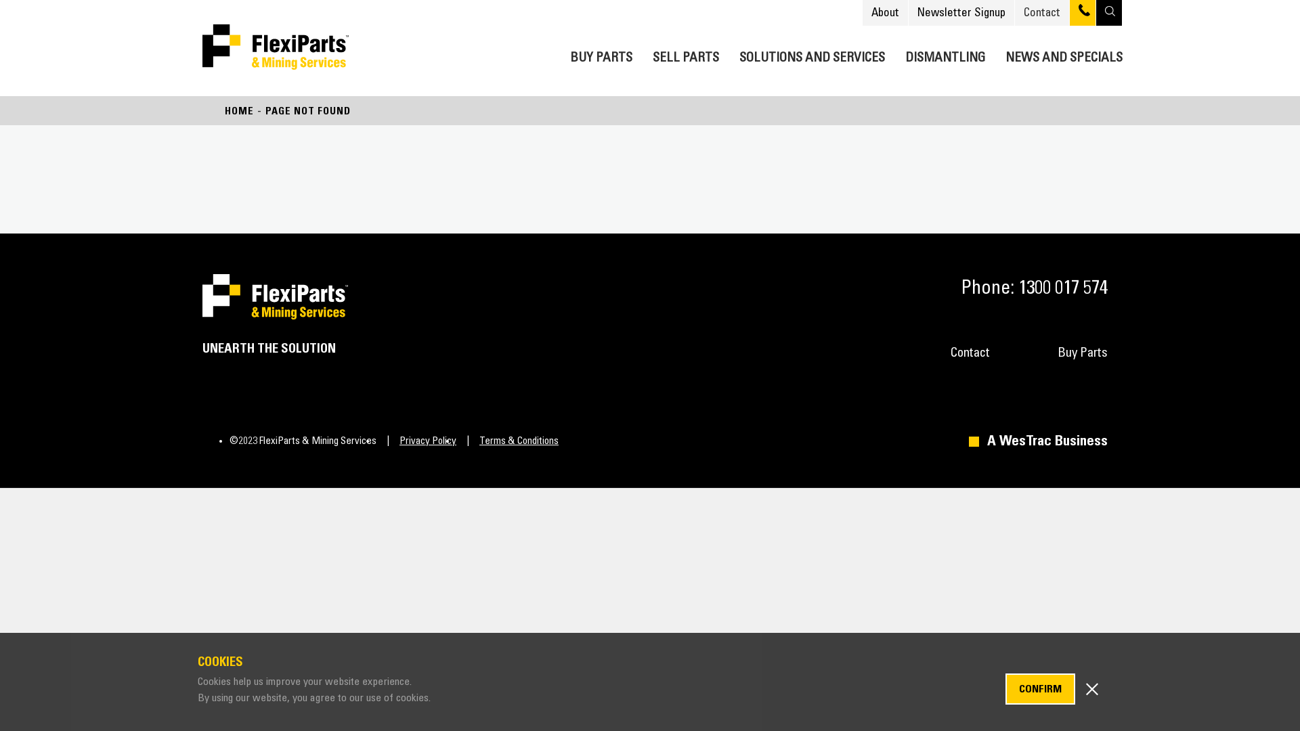  I want to click on 'SOLUTIONS AND SERVICES', so click(812, 54).